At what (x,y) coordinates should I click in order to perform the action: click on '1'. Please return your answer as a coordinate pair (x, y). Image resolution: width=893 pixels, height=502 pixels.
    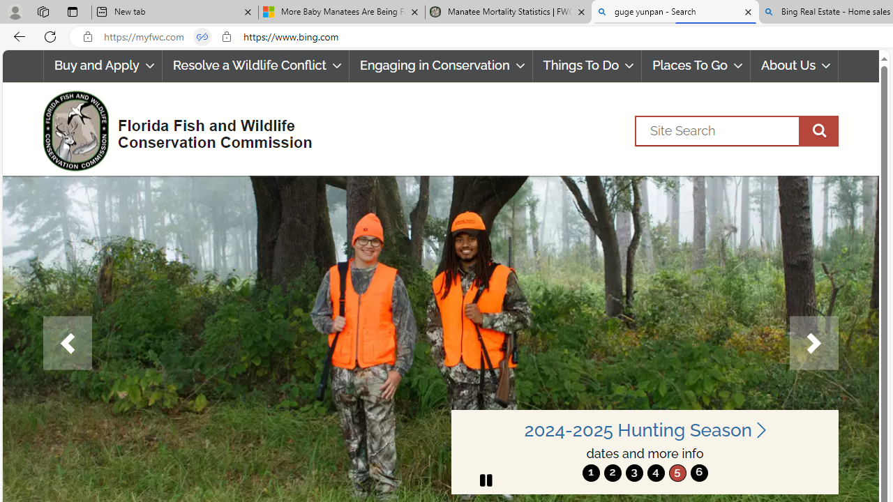
    Looking at the image, I should click on (591, 472).